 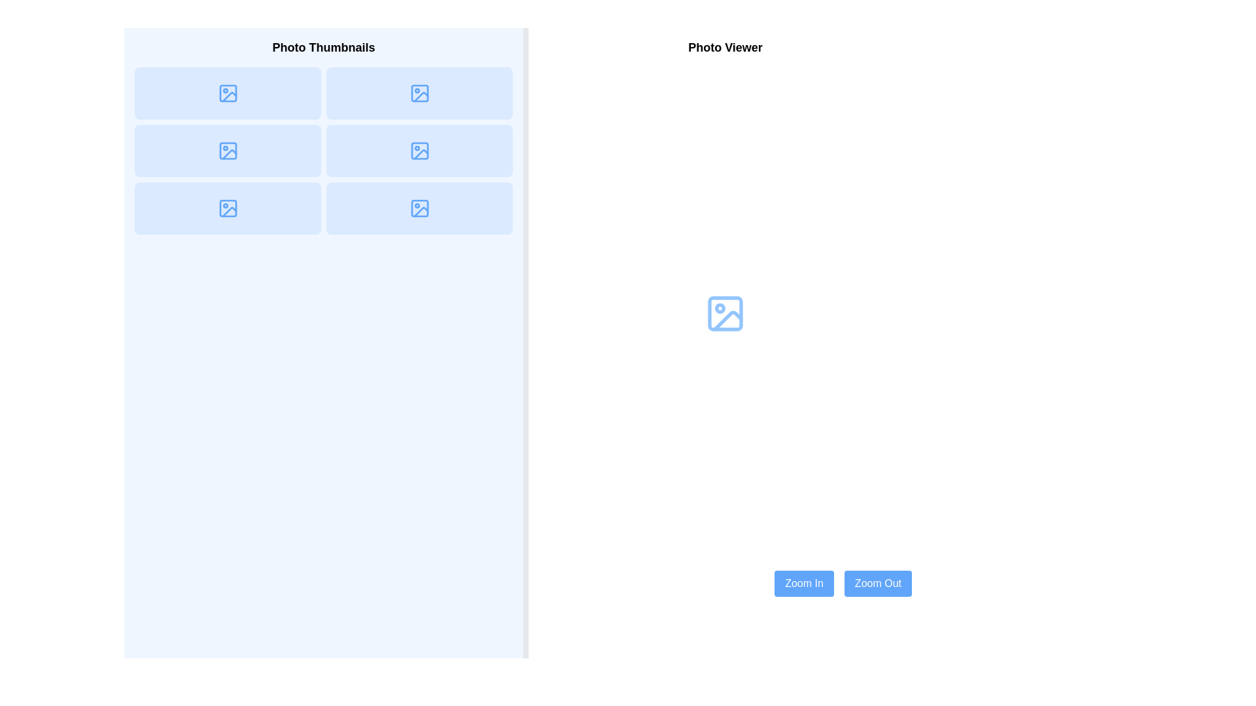 I want to click on the image thumbnail icon located in the bottom-right position of the 'Photo Thumbnails' grid, so click(x=419, y=208).